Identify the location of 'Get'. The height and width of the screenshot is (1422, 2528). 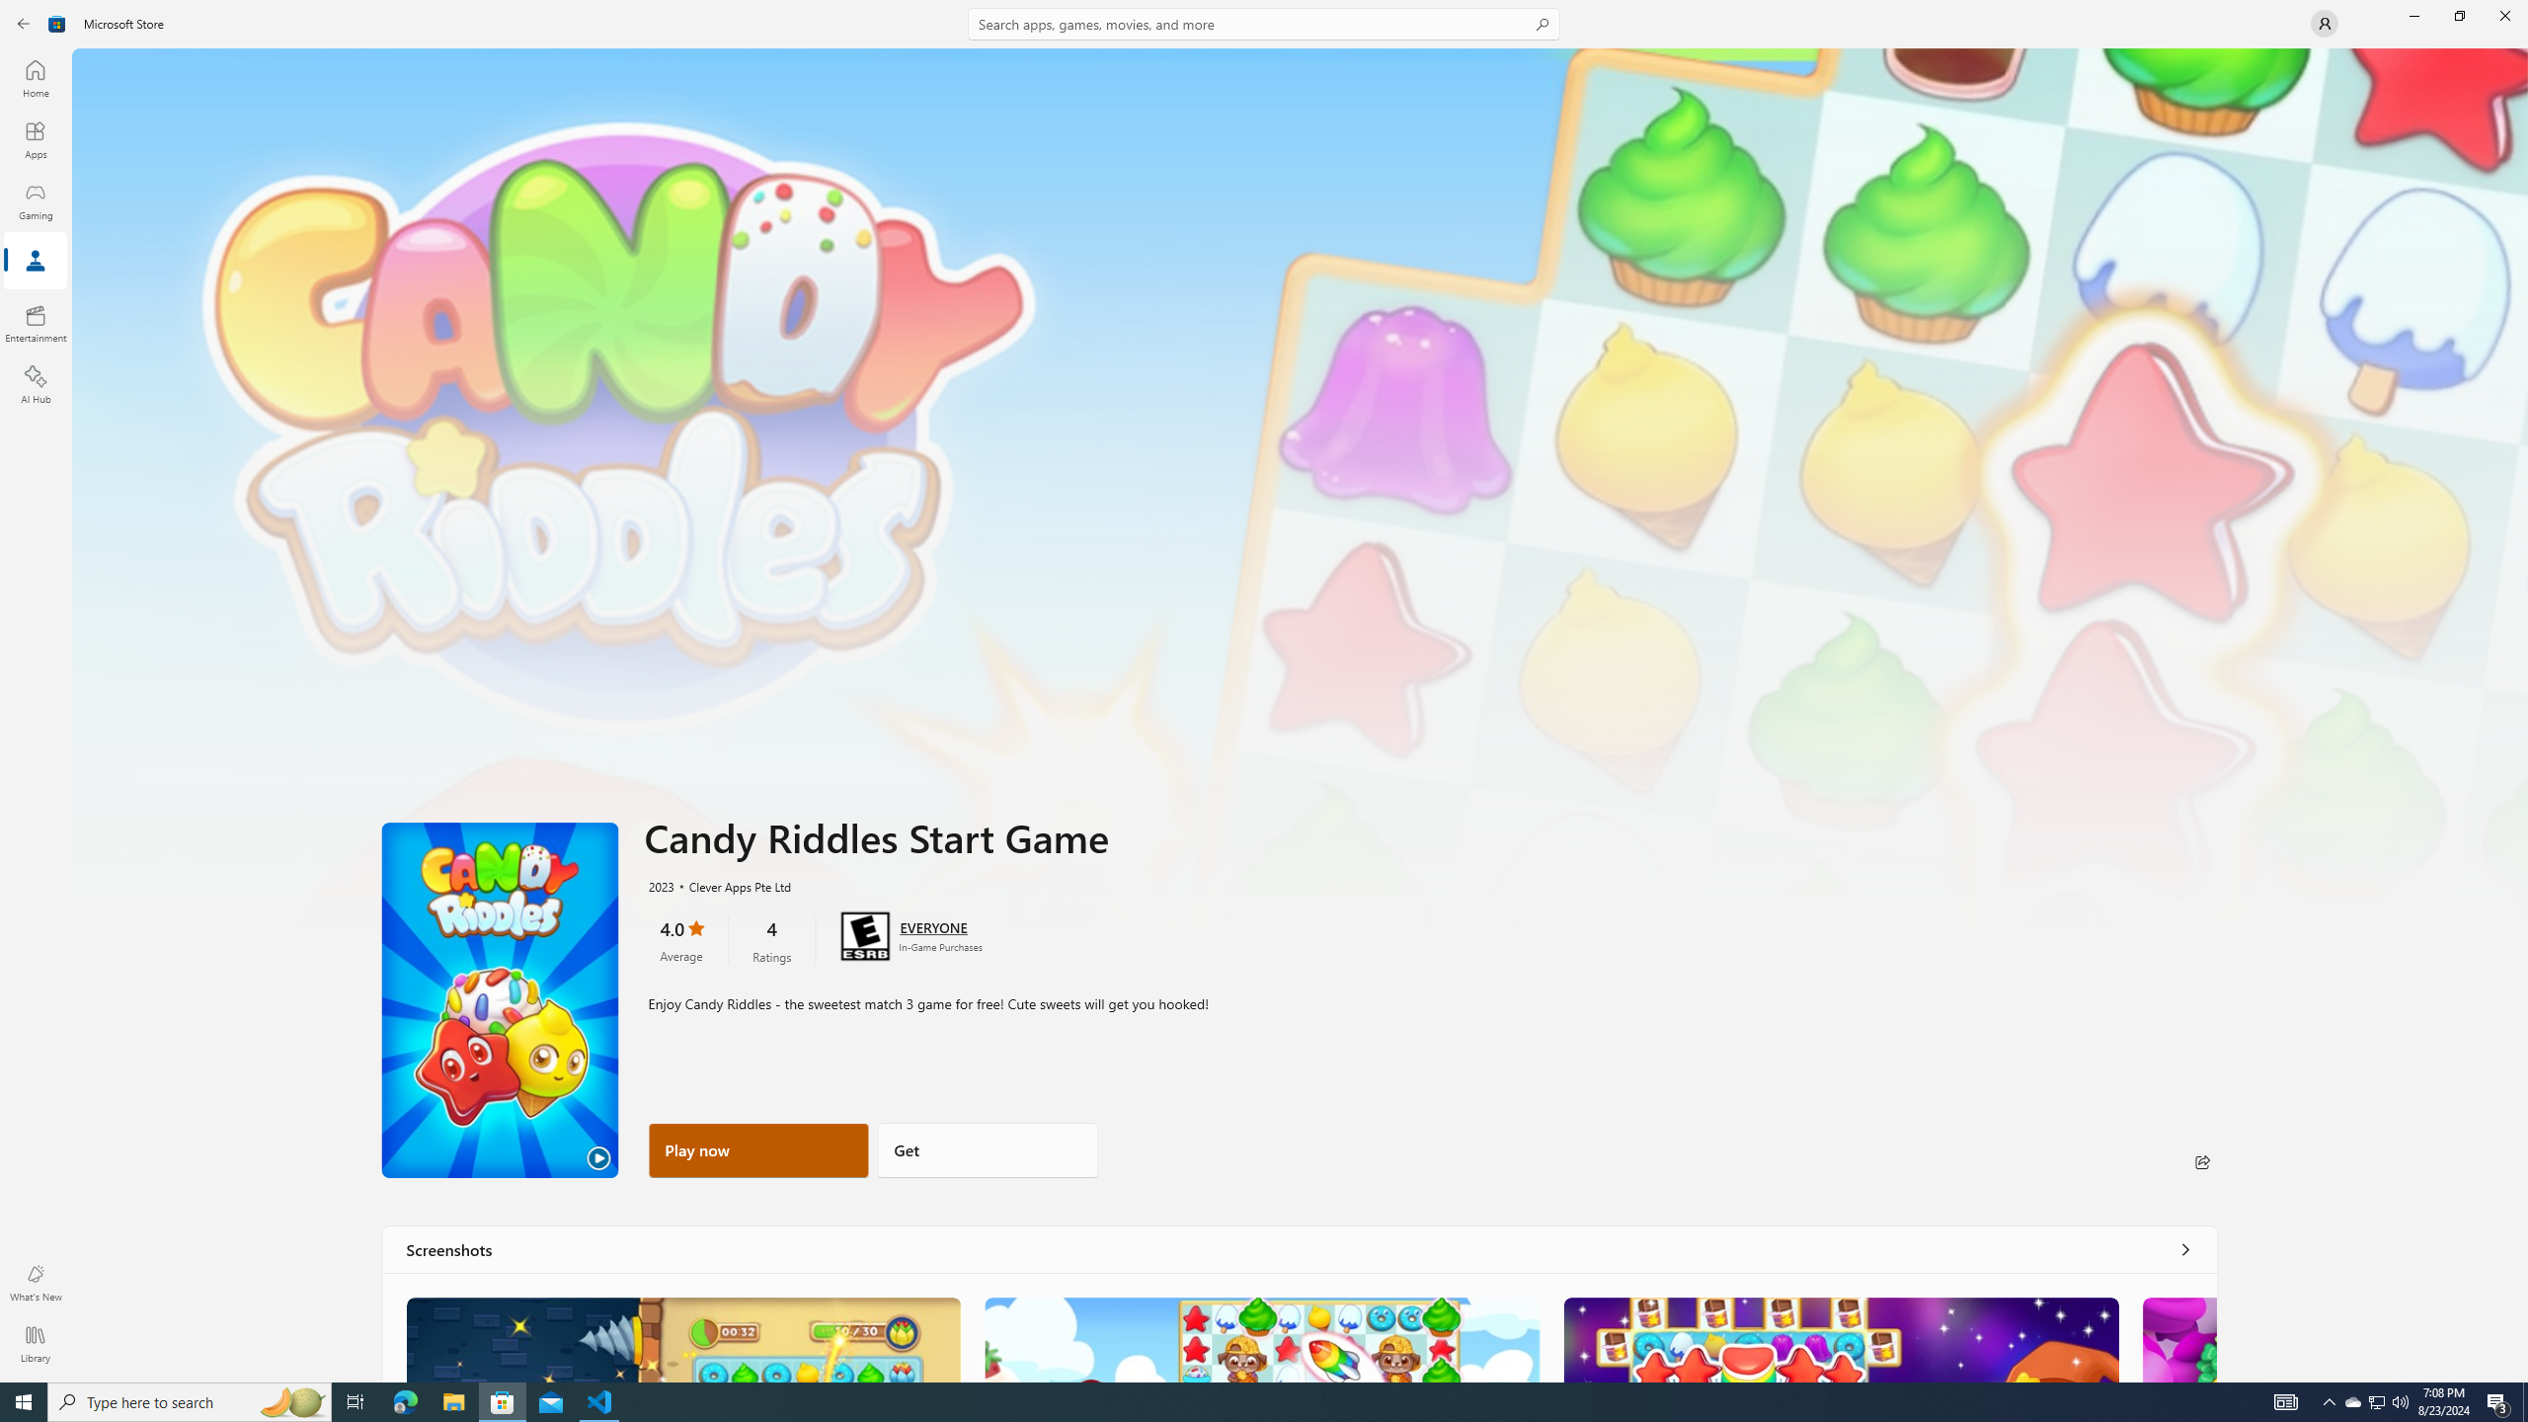
(986, 1149).